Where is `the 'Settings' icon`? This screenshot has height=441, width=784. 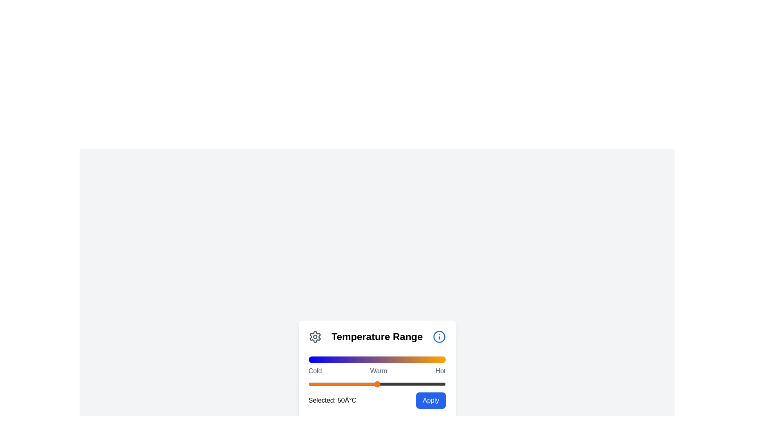 the 'Settings' icon is located at coordinates (314, 337).